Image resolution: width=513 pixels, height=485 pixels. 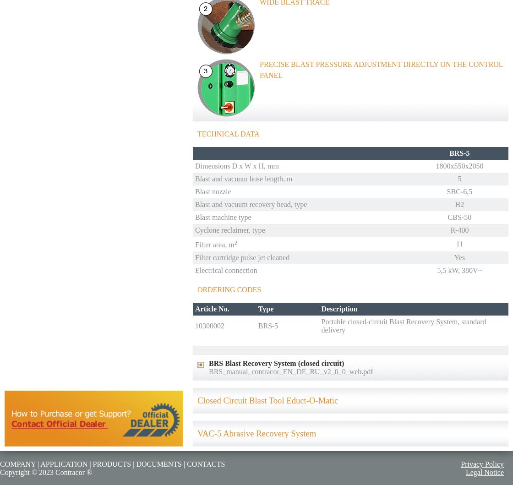 What do you see at coordinates (17, 463) in the screenshot?
I see `'COMPANY'` at bounding box center [17, 463].